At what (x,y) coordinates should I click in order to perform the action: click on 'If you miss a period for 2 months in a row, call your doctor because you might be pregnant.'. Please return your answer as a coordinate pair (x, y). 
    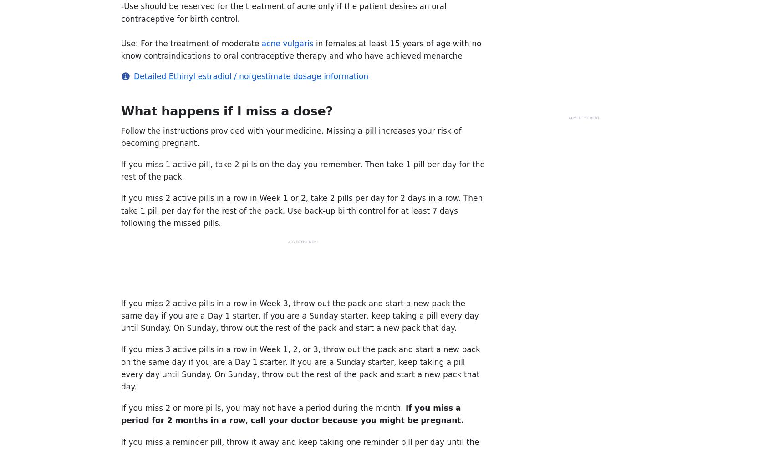
    Looking at the image, I should click on (121, 414).